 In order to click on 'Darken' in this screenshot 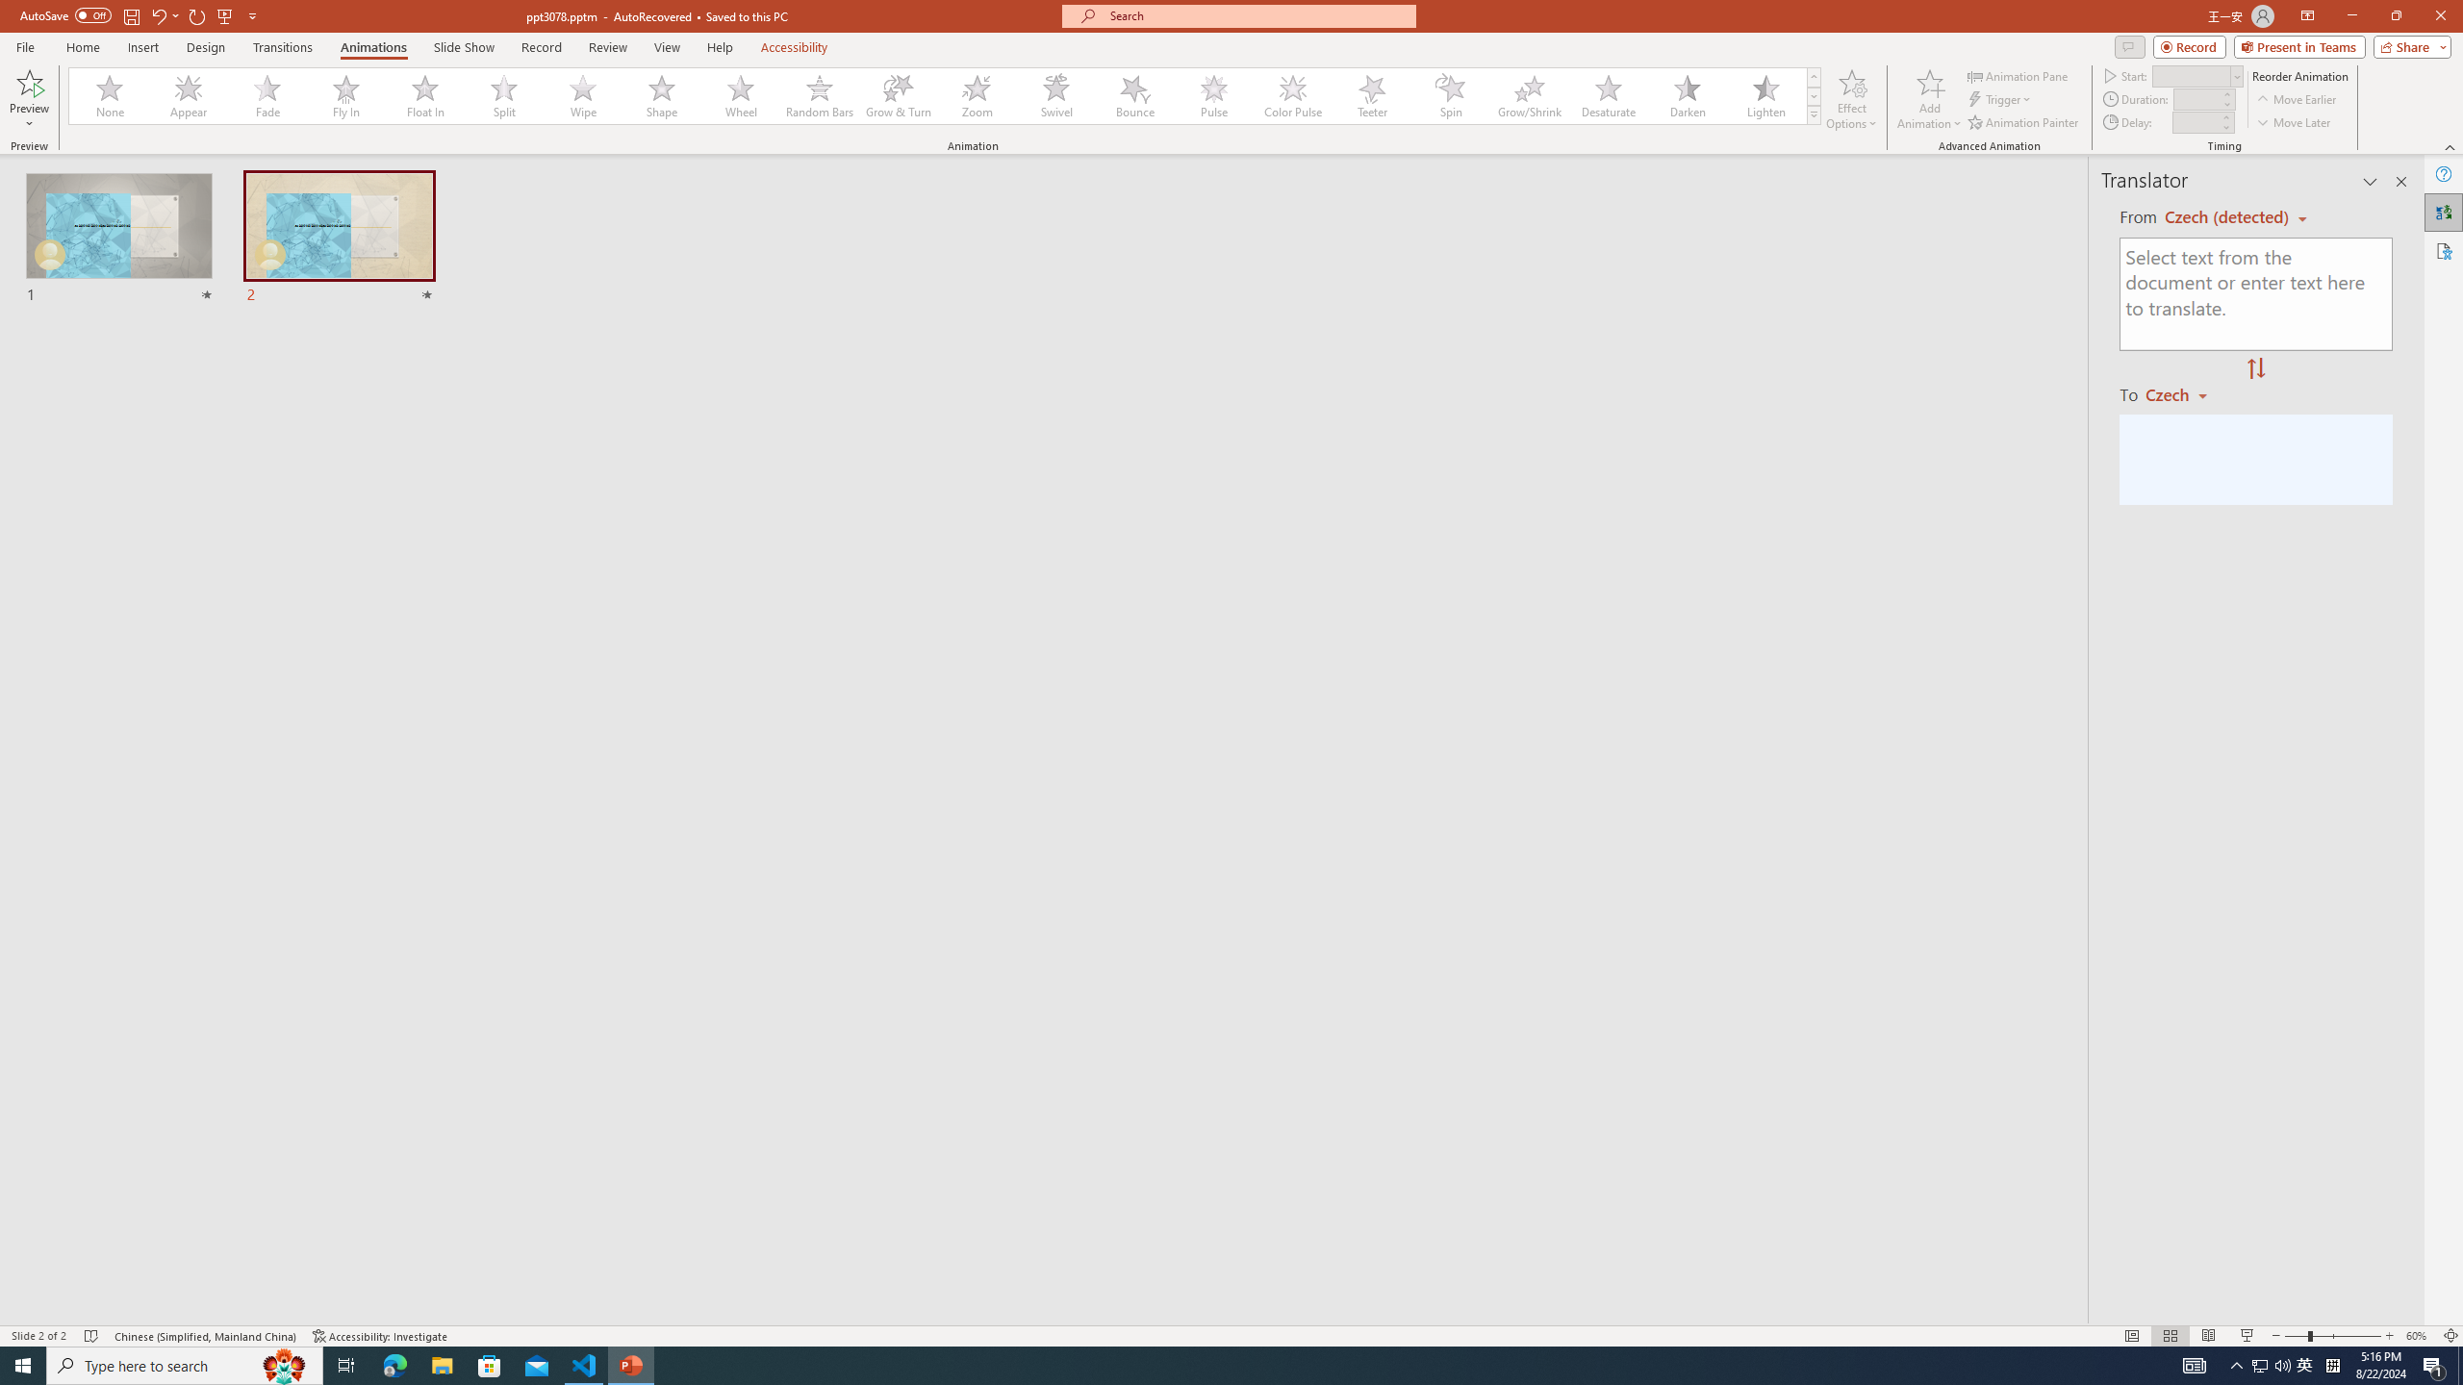, I will do `click(1686, 95)`.